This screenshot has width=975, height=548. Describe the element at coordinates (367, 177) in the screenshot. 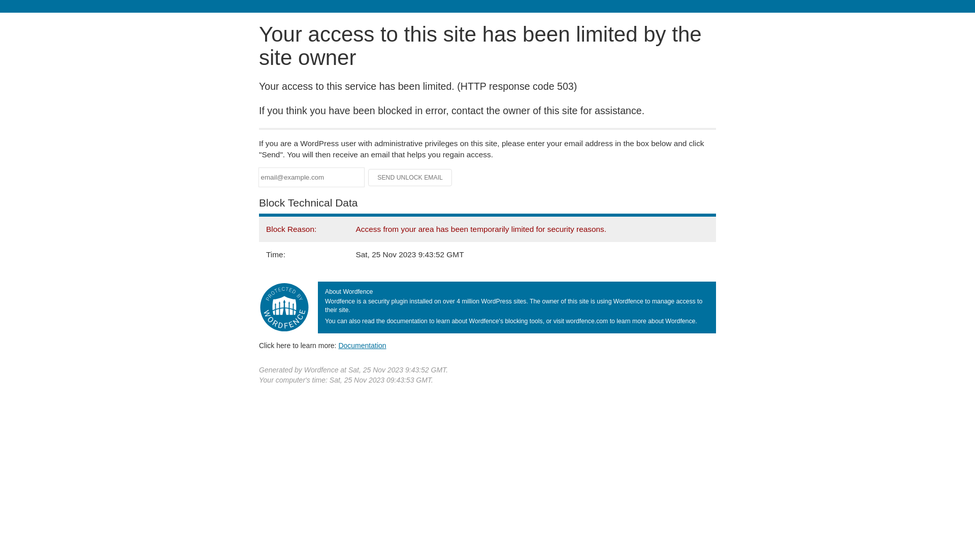

I see `'Send Unlock Email'` at that location.